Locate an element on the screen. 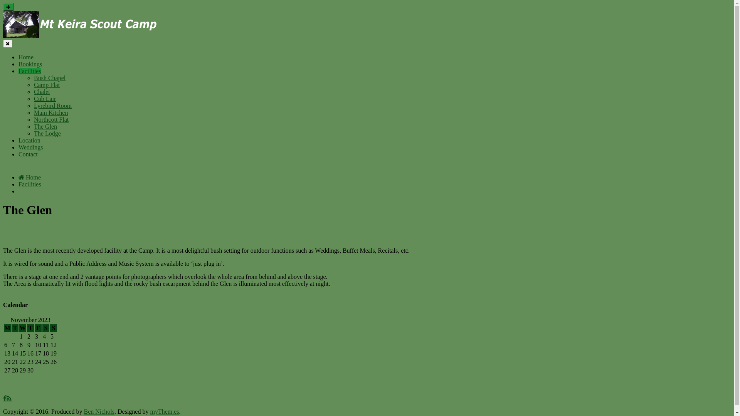 The image size is (740, 416). 'Mt Keira Scout Camp - SC&T Region Scouts' is located at coordinates (80, 36).